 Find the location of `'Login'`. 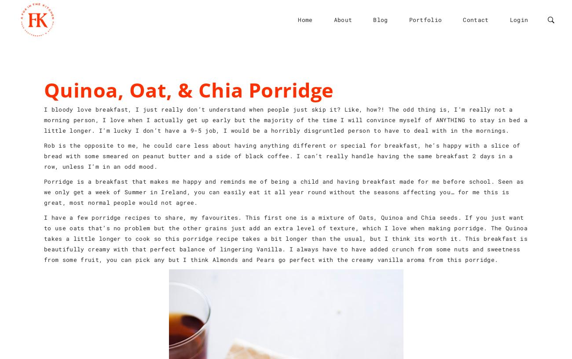

'Login' is located at coordinates (518, 19).